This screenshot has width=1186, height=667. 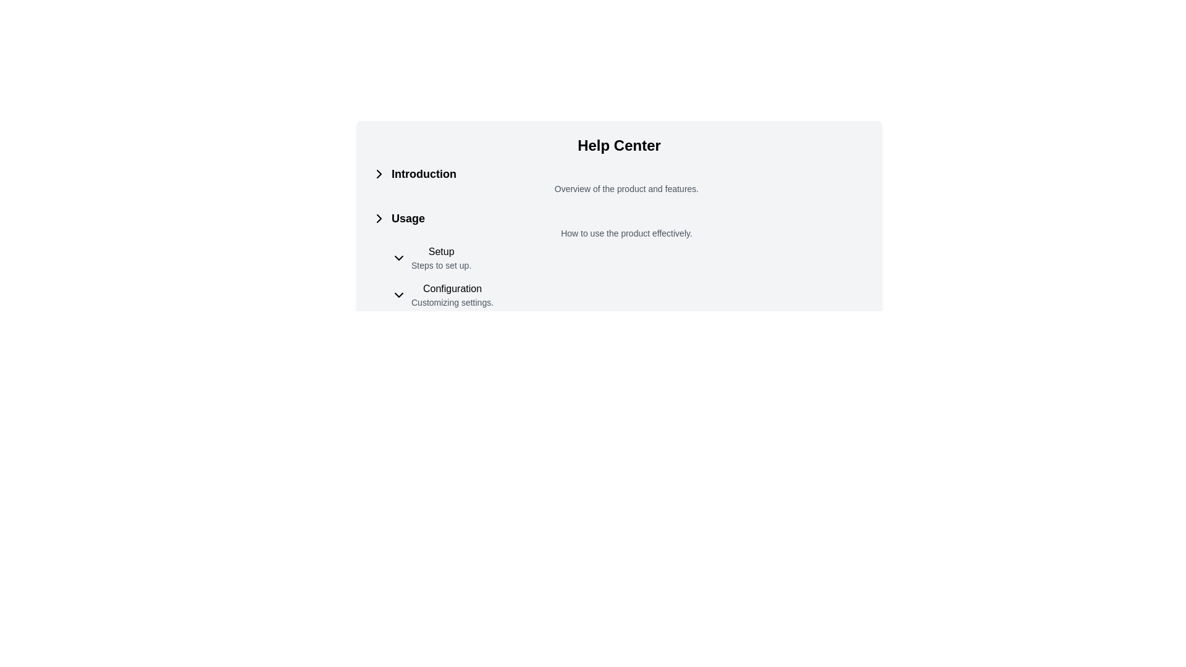 What do you see at coordinates (441, 257) in the screenshot?
I see `the navigational label element under the 'Usage' category` at bounding box center [441, 257].